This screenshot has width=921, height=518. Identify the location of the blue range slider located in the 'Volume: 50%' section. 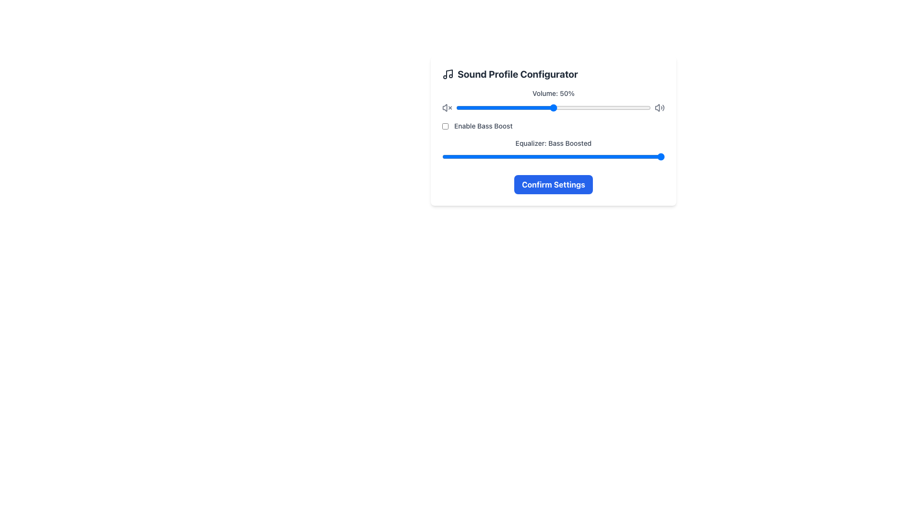
(553, 107).